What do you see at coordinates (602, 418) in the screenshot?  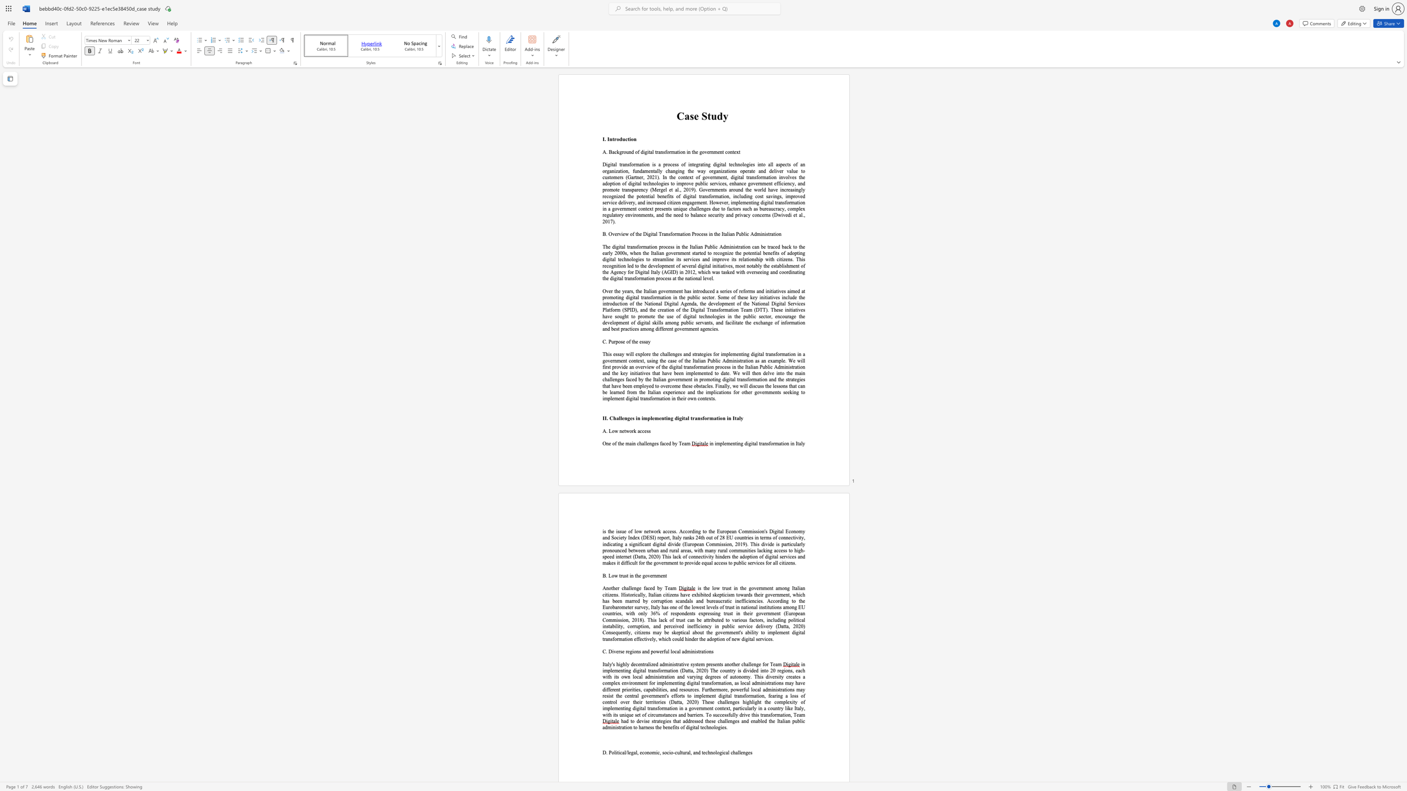 I see `the subset text "II. Challenges in implement" within the text "II. Challenges in implementing digital transformation in Italy"` at bounding box center [602, 418].